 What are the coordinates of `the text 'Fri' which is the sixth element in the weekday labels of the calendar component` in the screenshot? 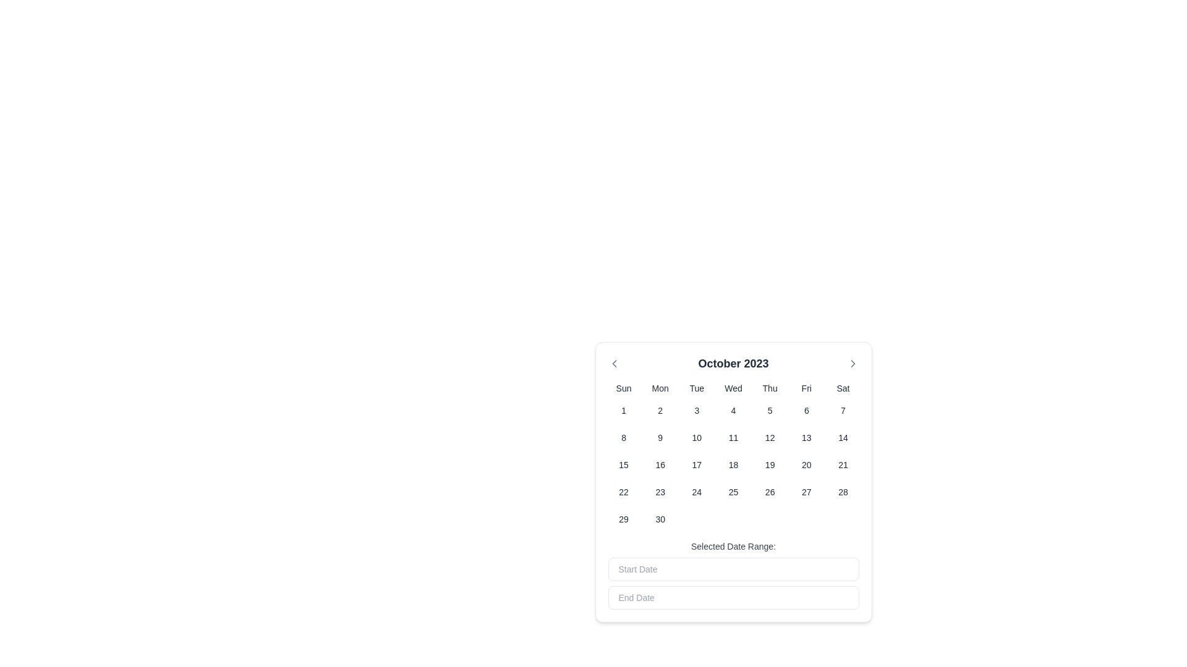 It's located at (806, 387).